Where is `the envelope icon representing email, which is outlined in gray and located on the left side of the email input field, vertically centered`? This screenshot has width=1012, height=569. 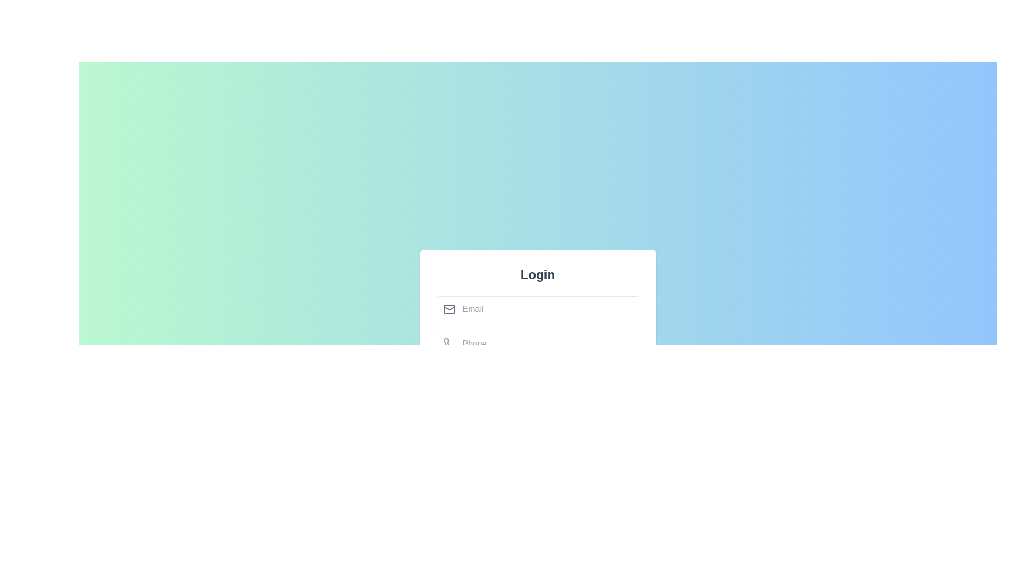
the envelope icon representing email, which is outlined in gray and located on the left side of the email input field, vertically centered is located at coordinates (449, 308).